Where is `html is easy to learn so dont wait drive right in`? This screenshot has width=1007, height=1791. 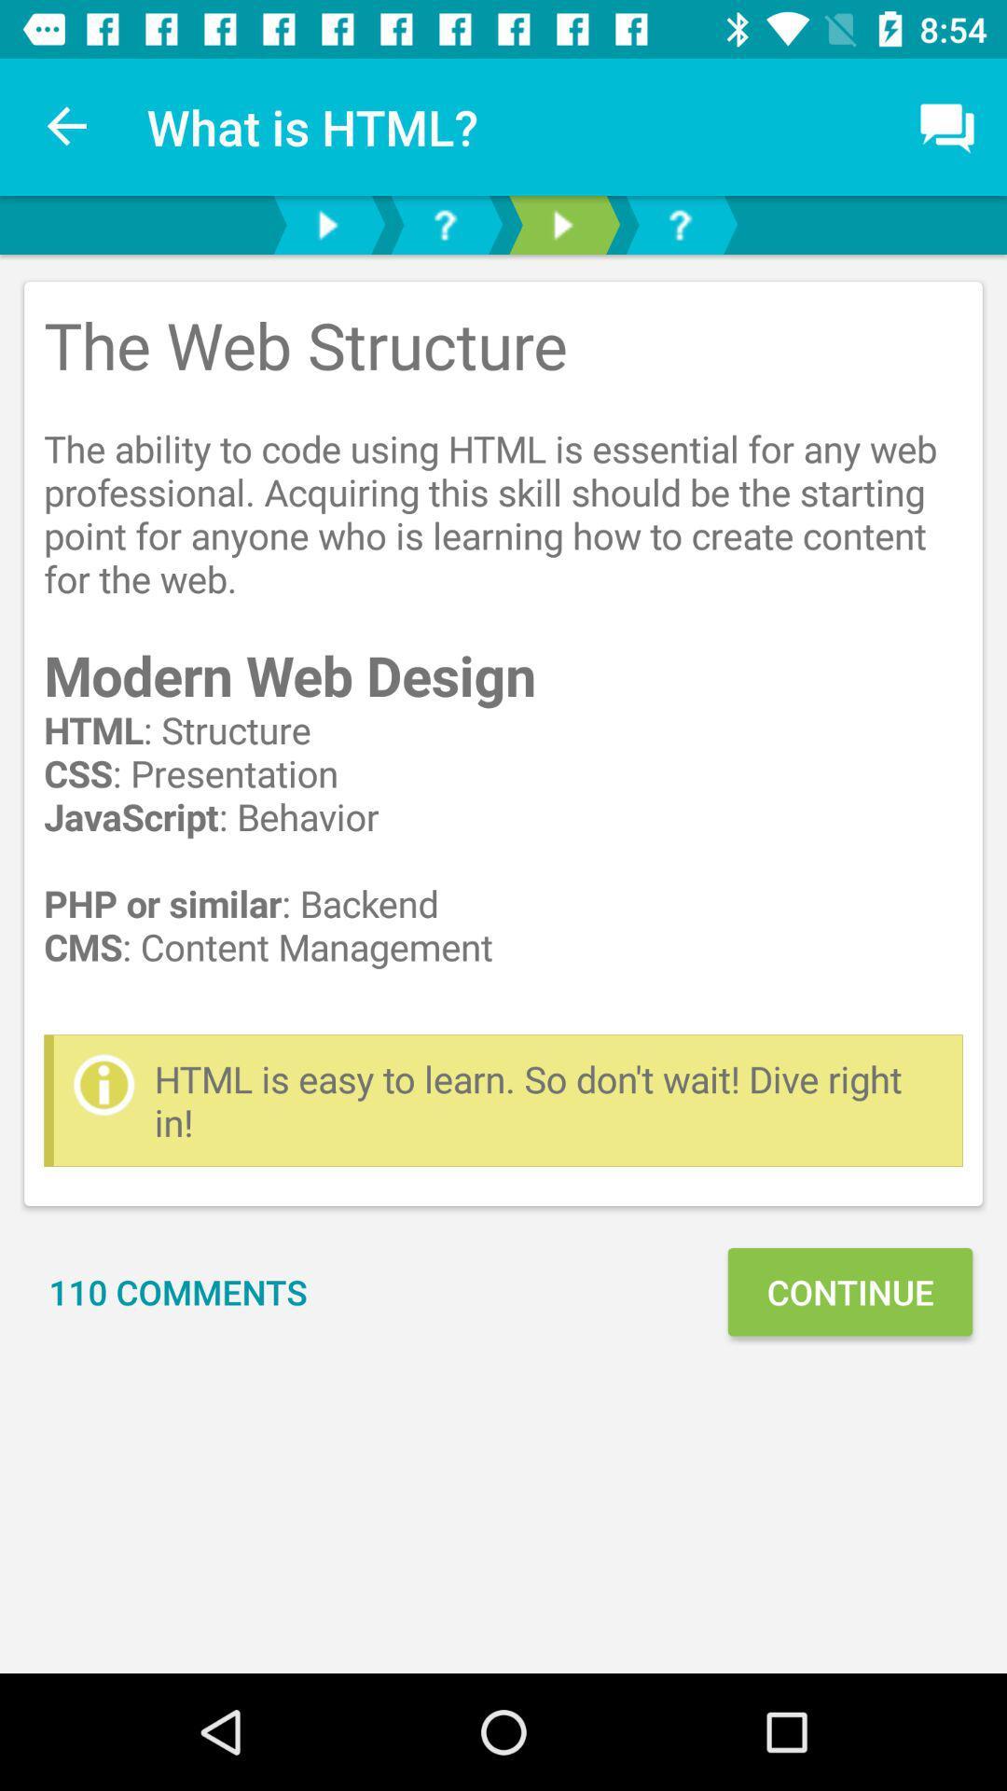 html is easy to learn so dont wait drive right in is located at coordinates (548, 1101).